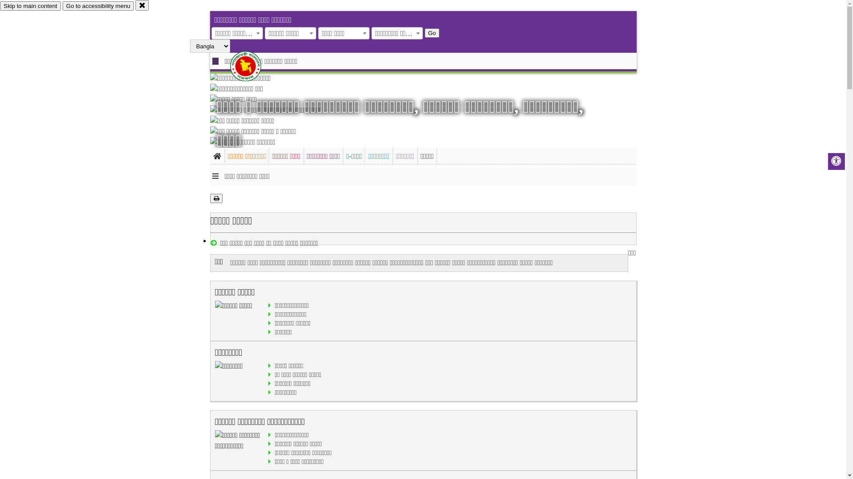 This screenshot has height=479, width=853. I want to click on 'Skip to main content', so click(30, 6).